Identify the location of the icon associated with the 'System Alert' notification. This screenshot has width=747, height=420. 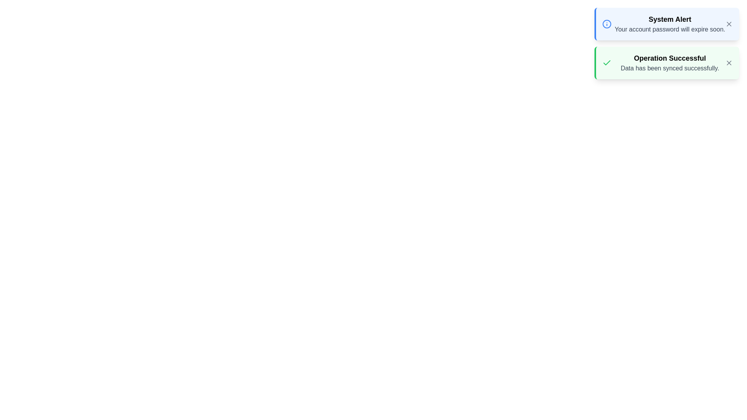
(607, 23).